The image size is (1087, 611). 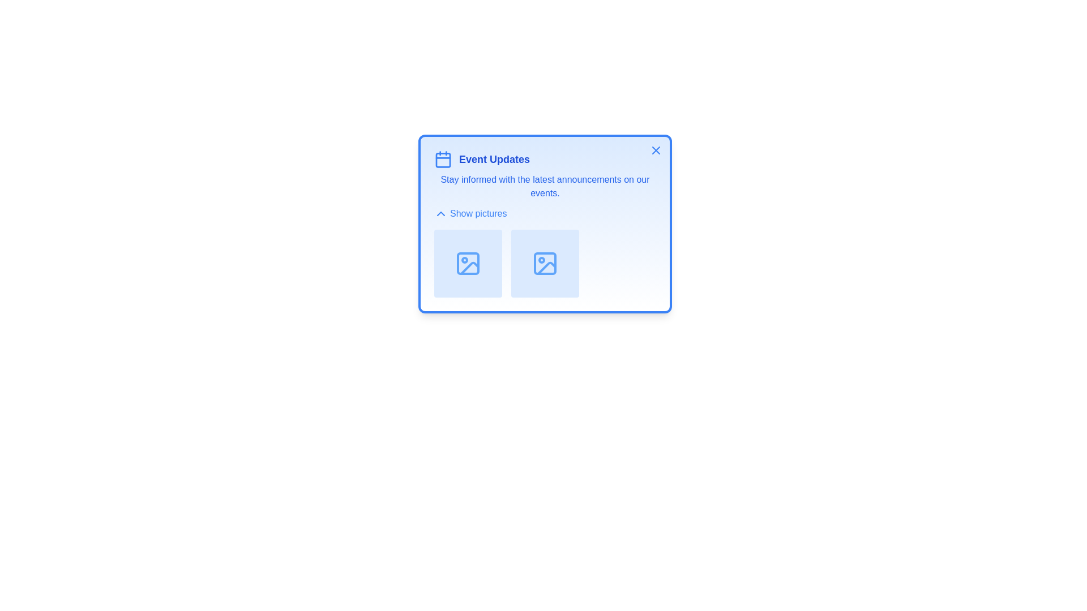 I want to click on the 'Show pictures' button to toggle the visibility of the pictures, so click(x=470, y=214).